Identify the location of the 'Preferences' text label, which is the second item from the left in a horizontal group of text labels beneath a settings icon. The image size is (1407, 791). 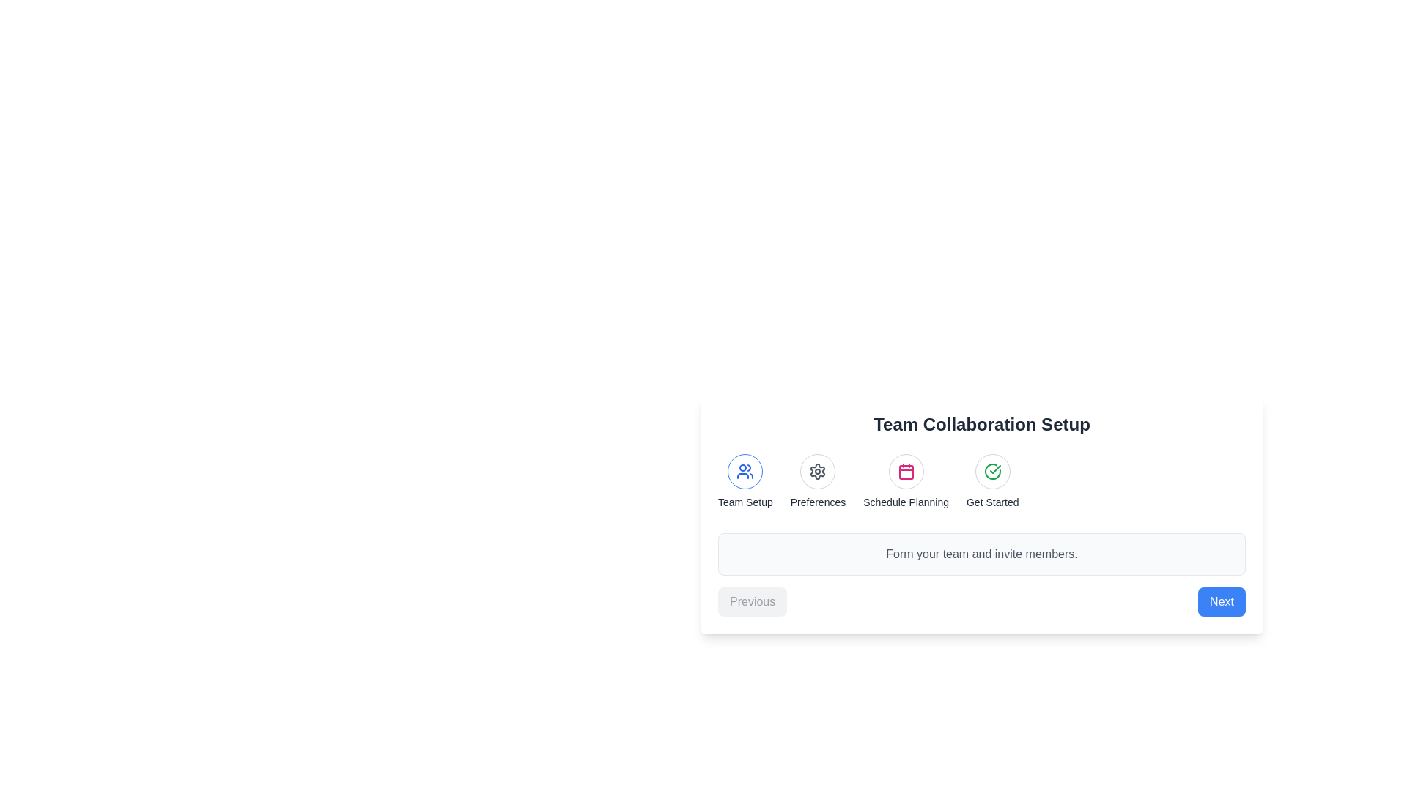
(817, 502).